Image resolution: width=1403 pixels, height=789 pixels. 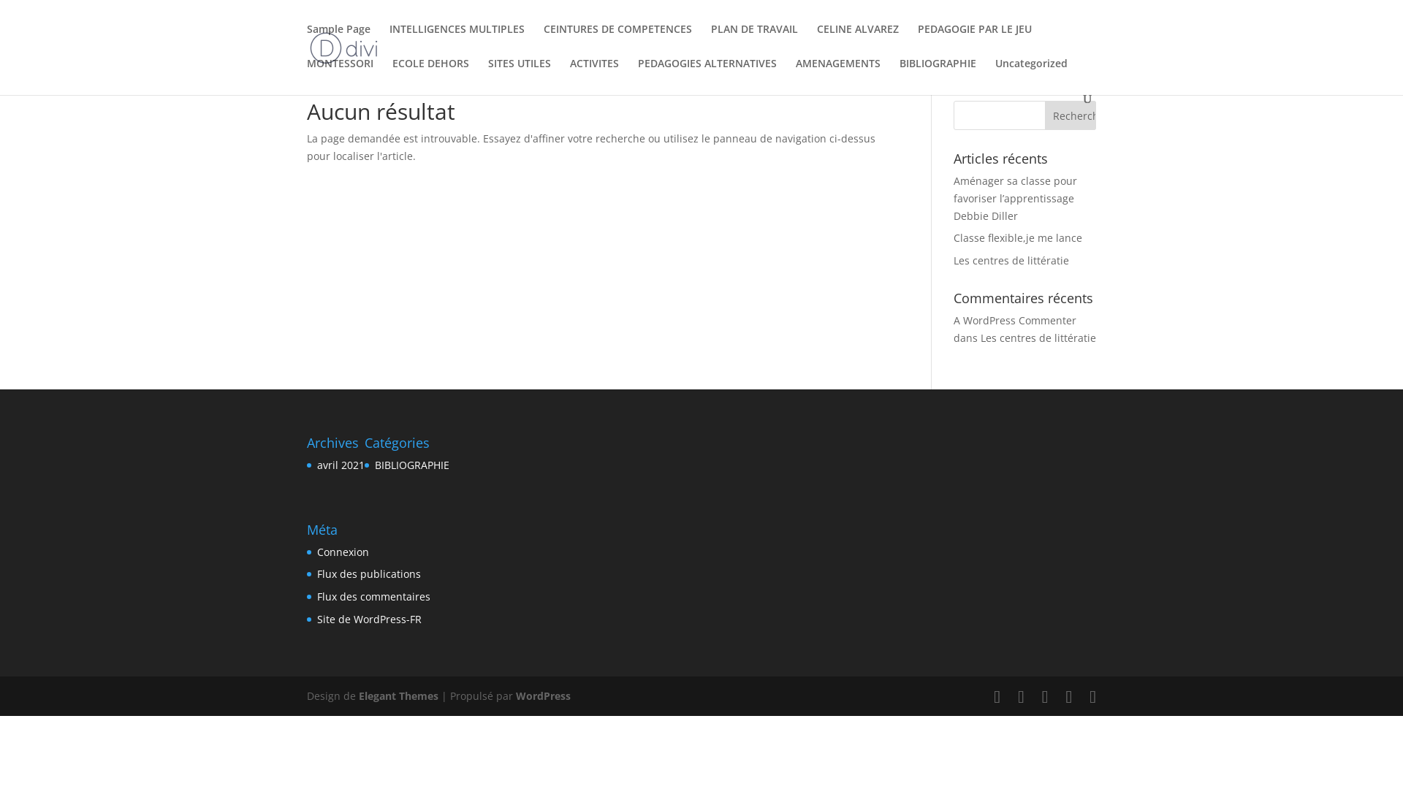 What do you see at coordinates (617, 40) in the screenshot?
I see `'CEINTURES DE COMPETENCES'` at bounding box center [617, 40].